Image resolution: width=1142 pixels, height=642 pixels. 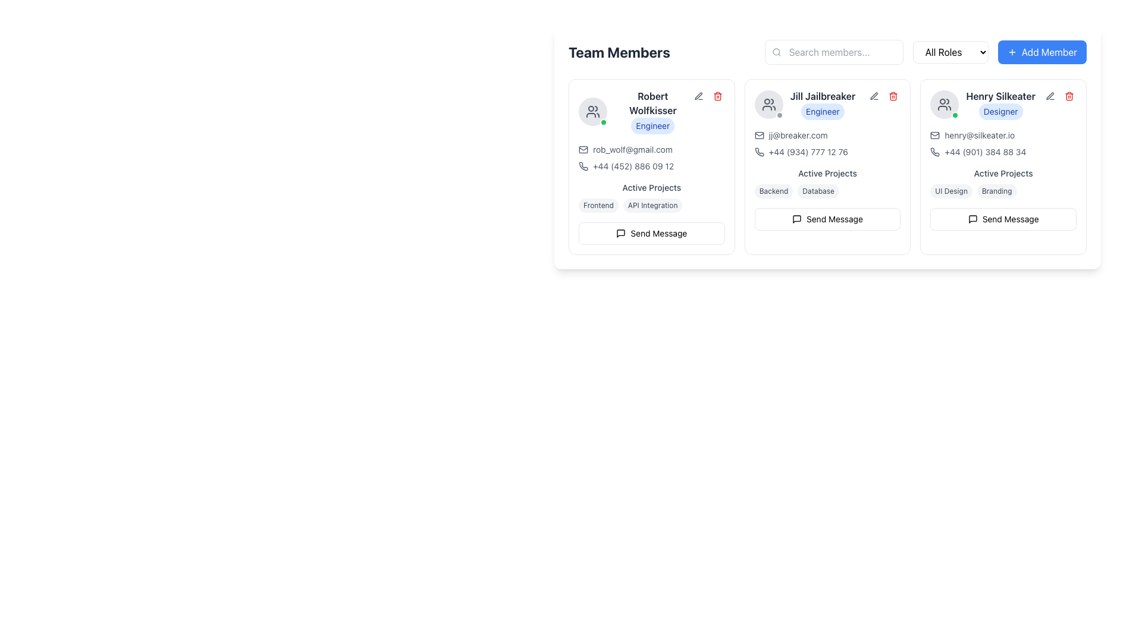 What do you see at coordinates (1050, 96) in the screenshot?
I see `the edit button, which is an icon resembling a pen located in the top-right corner of the card labeled 'Henry Silkeater'` at bounding box center [1050, 96].